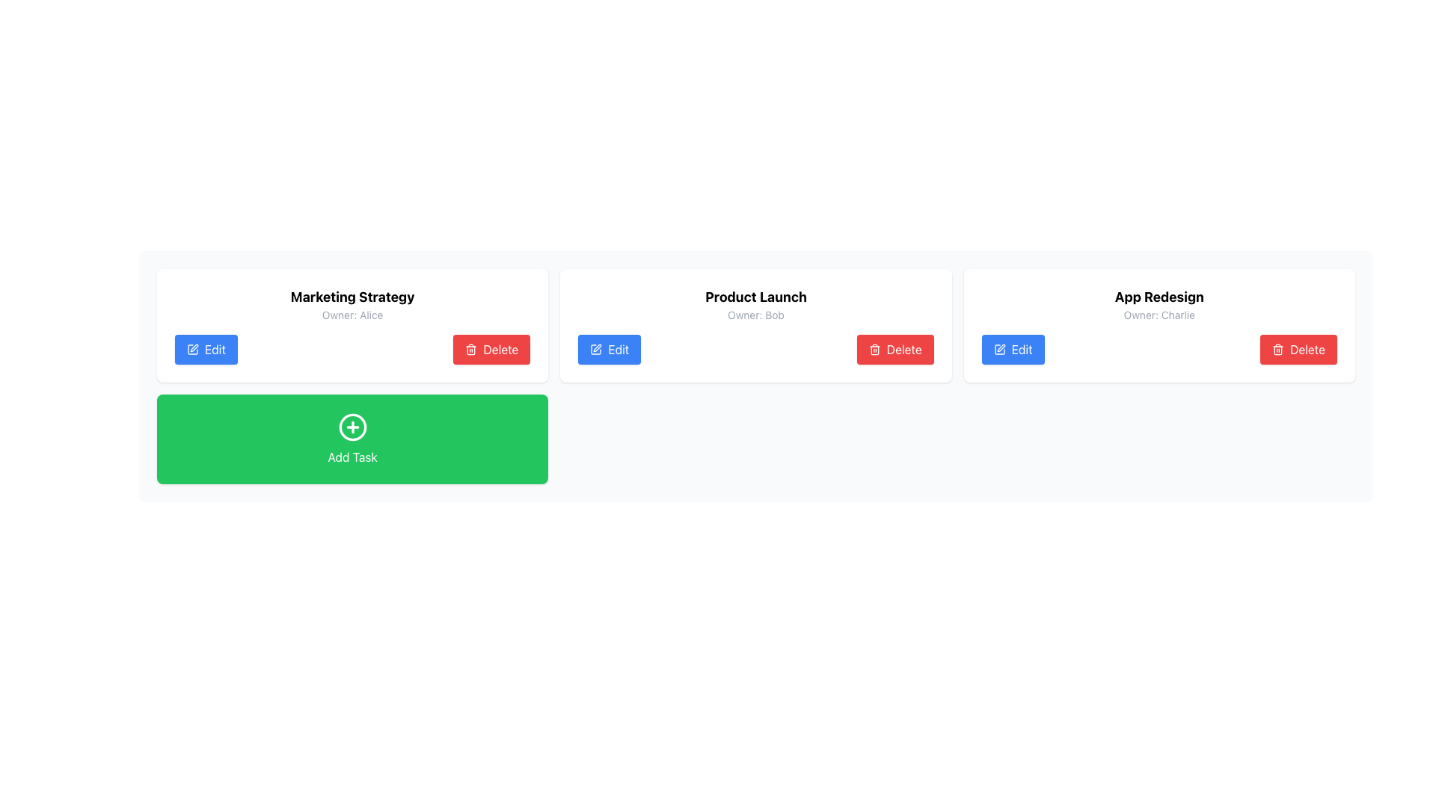 The height and width of the screenshot is (807, 1436). Describe the element at coordinates (352, 427) in the screenshot. I see `the green circular icon with a plus sign (+) inside, which is located in the middle of the 'Add Task' button at the center of the bottom row of the layout` at that location.